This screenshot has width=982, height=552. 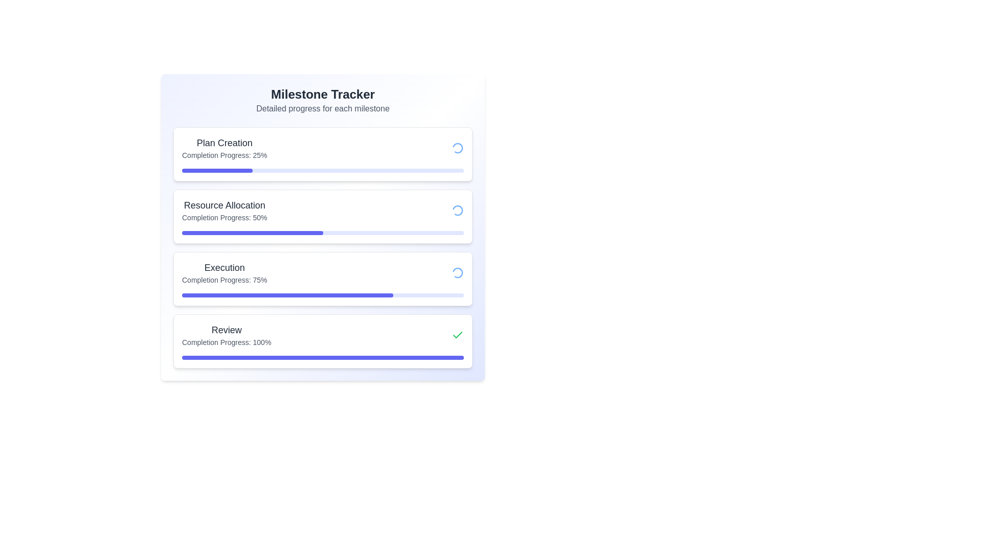 I want to click on the circular loading spinner icon located at the top-right part of the 'Plan Creation' section in the 'Milestone Tracker', so click(x=457, y=148).